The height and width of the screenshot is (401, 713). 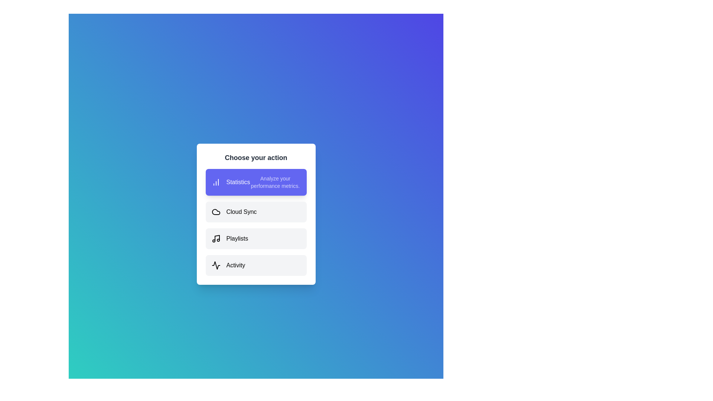 What do you see at coordinates (256, 182) in the screenshot?
I see `the option Statistics from the list` at bounding box center [256, 182].